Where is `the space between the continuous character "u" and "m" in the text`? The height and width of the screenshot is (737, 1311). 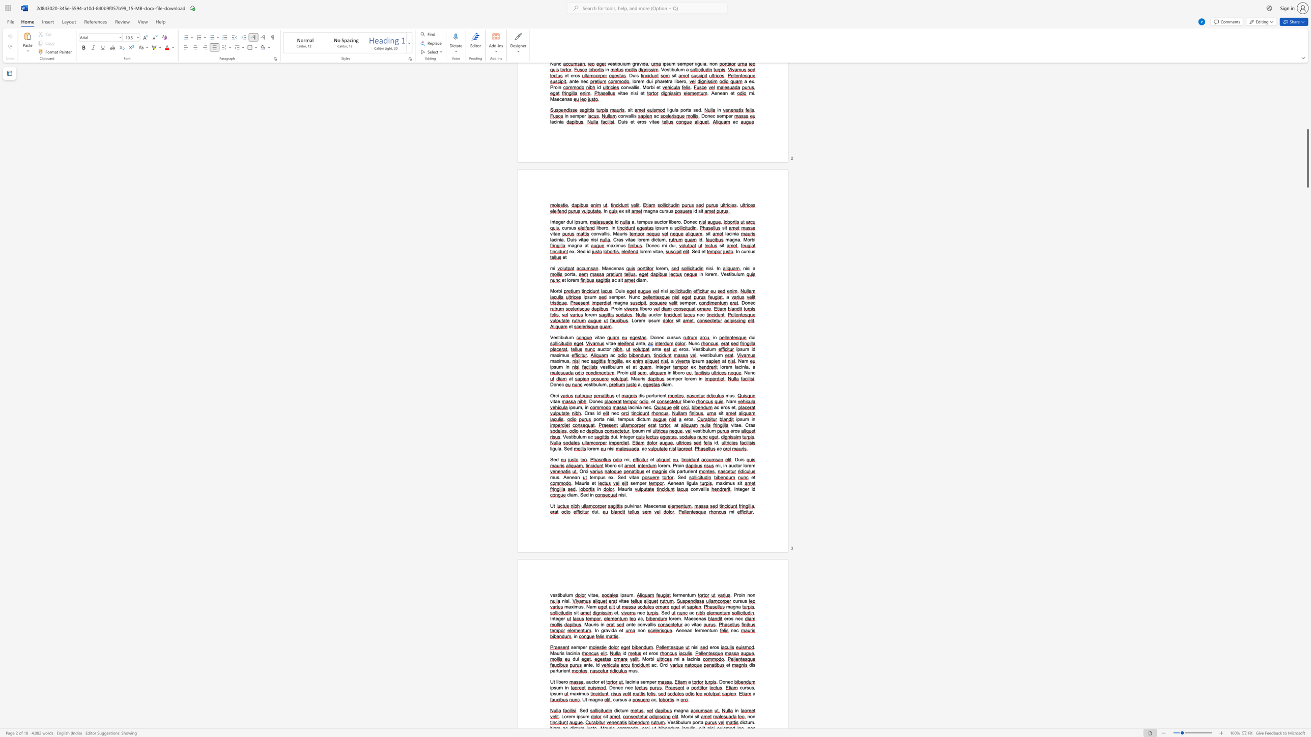
the space between the continuous character "u" and "m" in the text is located at coordinates (691, 595).